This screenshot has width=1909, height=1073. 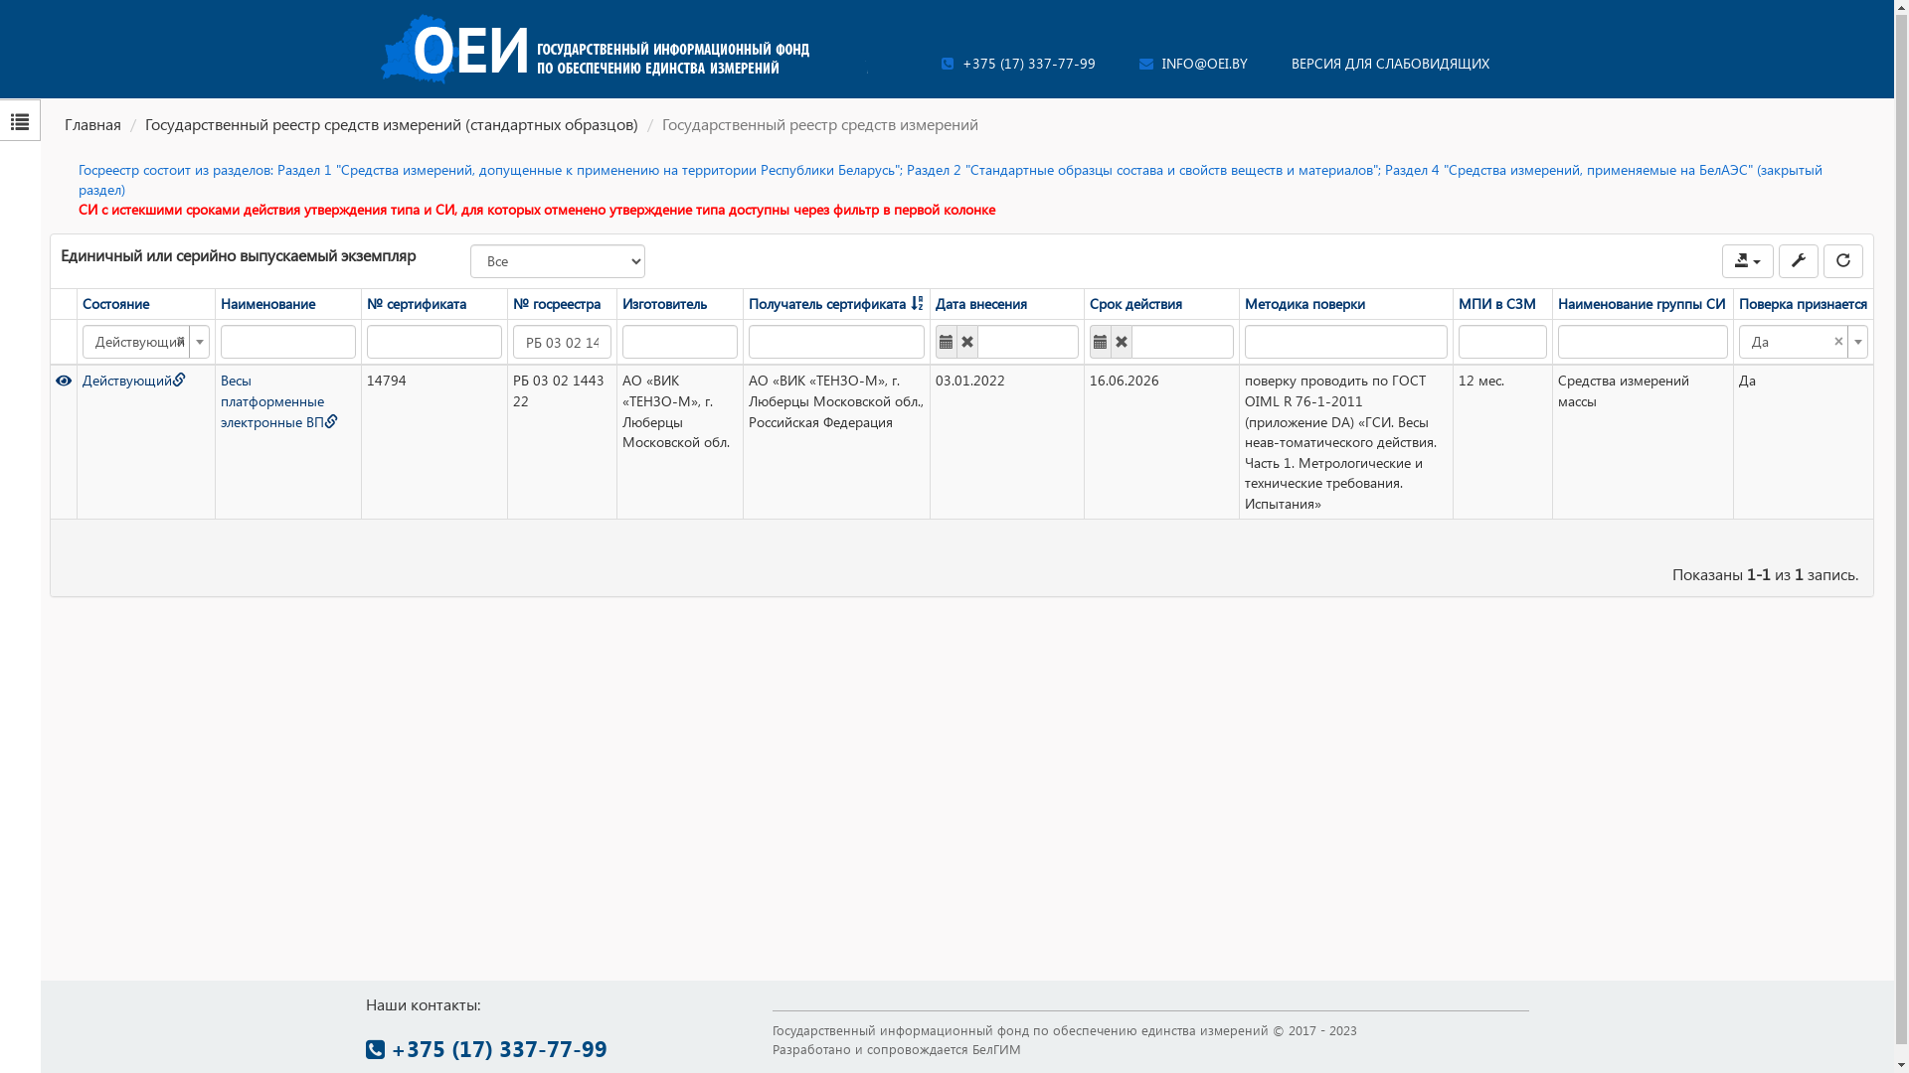 I want to click on 'INFO@OEI.BY', so click(x=1139, y=63).